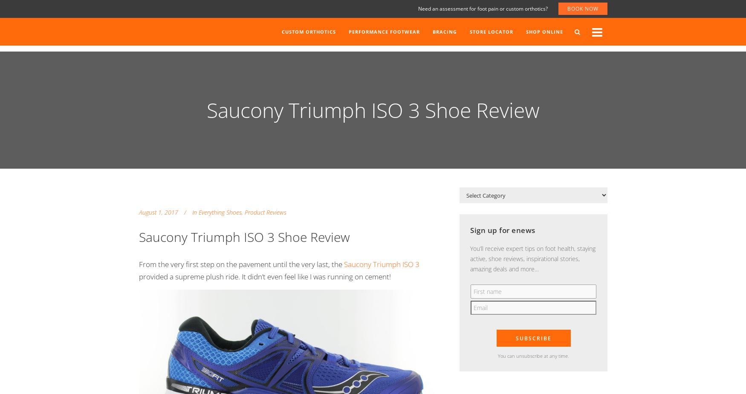 The image size is (746, 394). Describe the element at coordinates (381, 264) in the screenshot. I see `'Saucony Triumph ISO 3'` at that location.